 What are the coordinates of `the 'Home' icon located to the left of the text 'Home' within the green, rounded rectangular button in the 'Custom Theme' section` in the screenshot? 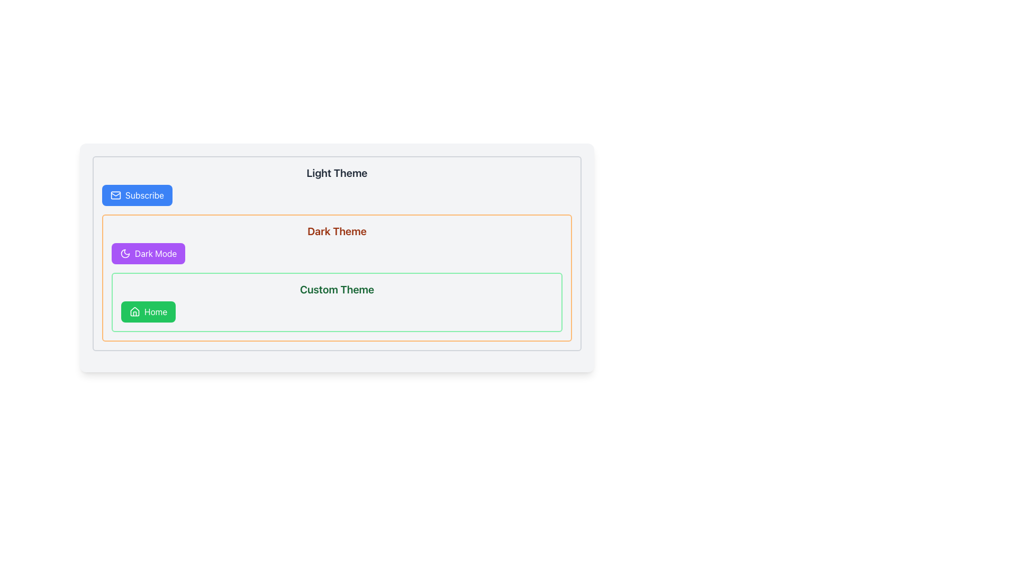 It's located at (134, 311).